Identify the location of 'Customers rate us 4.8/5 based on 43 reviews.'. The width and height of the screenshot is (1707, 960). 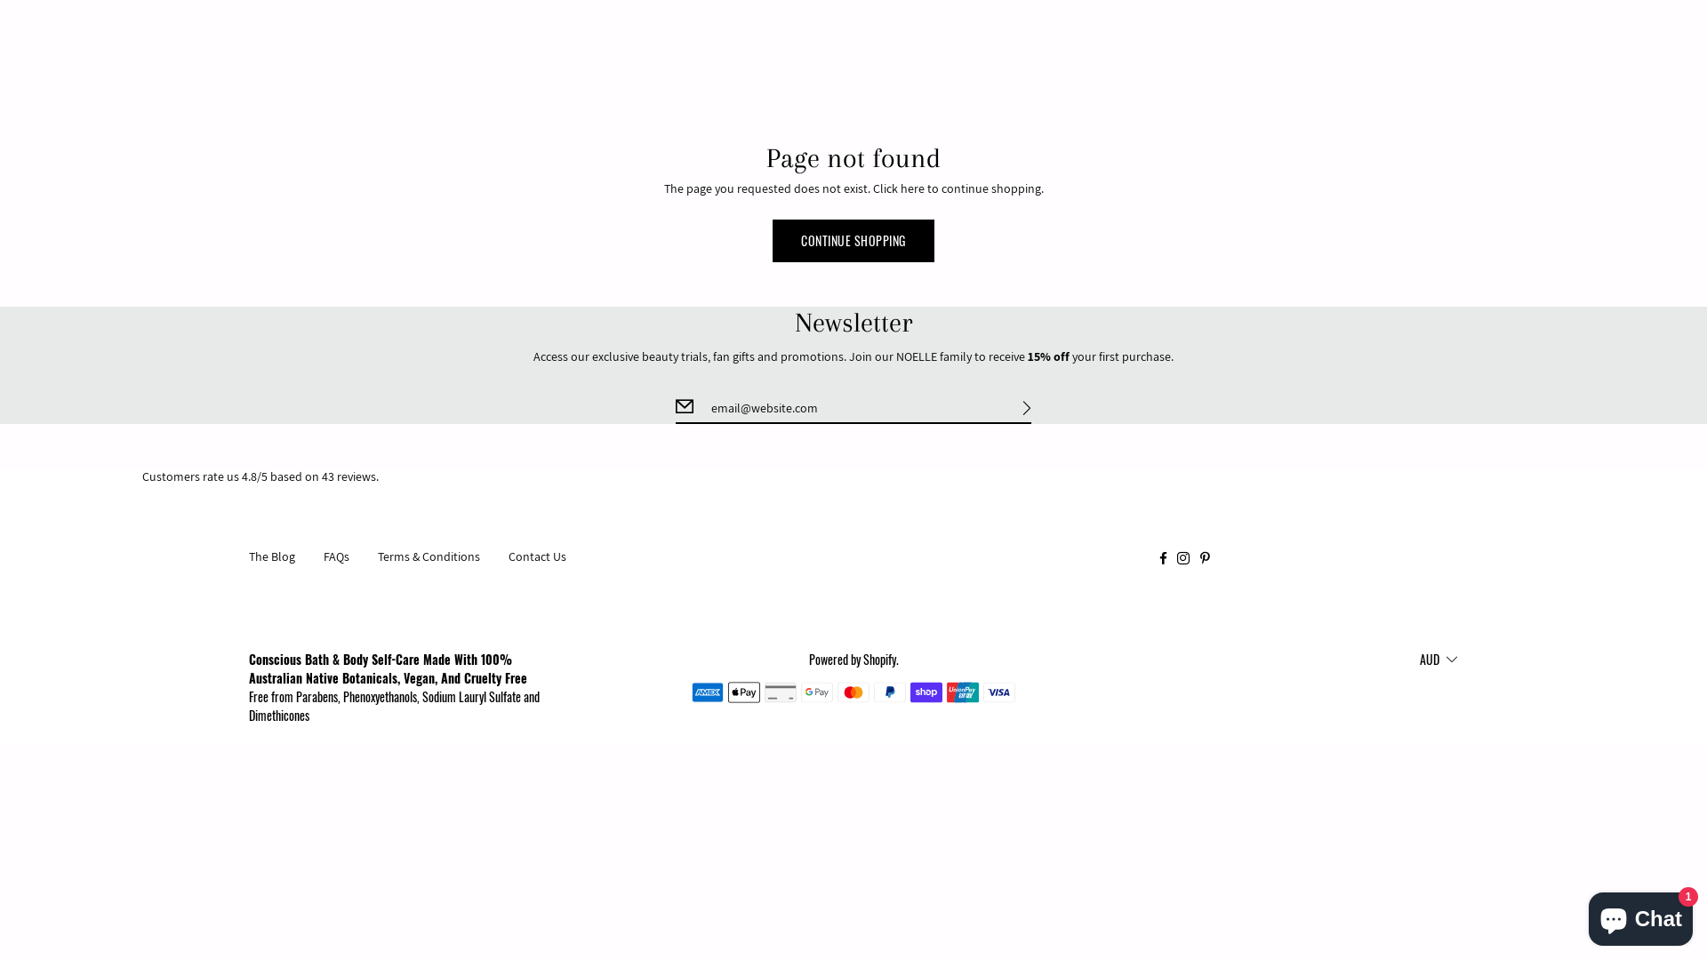
(853, 476).